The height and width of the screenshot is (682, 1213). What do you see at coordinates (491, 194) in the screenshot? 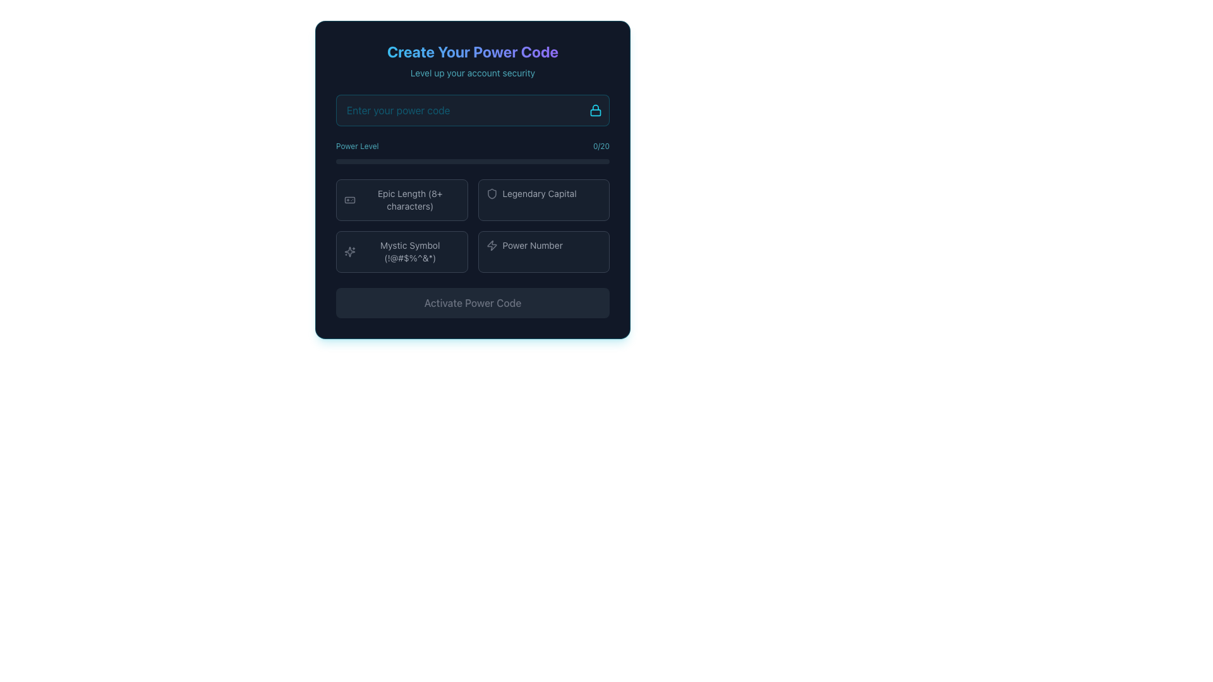
I see `the icon associated with the 'Legendary Capital' option located in the top-right corner of the button row for interaction` at bounding box center [491, 194].